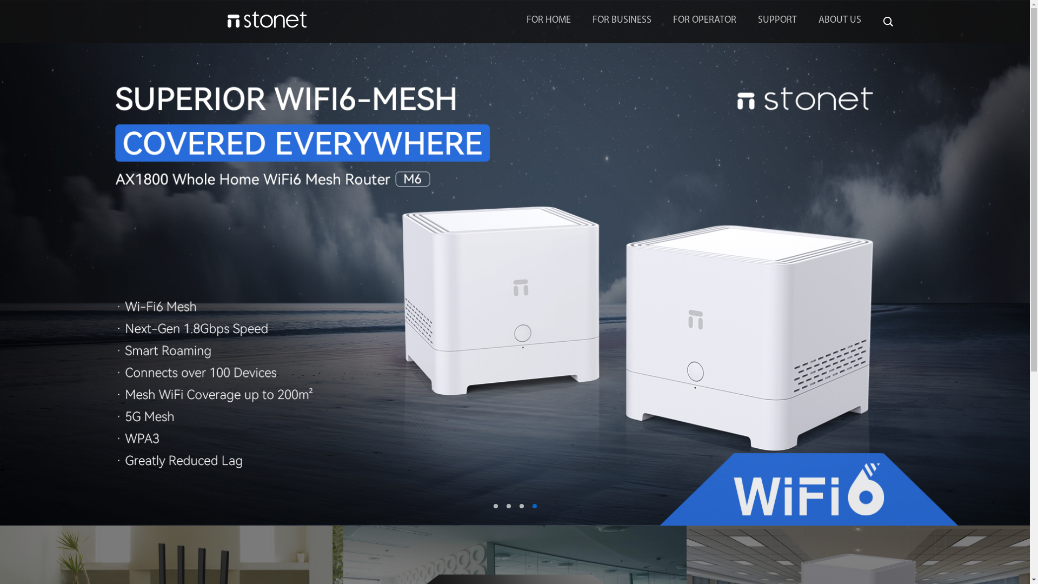 The image size is (1038, 584). Describe the element at coordinates (622, 21) in the screenshot. I see `'FOR BUSINESS'` at that location.